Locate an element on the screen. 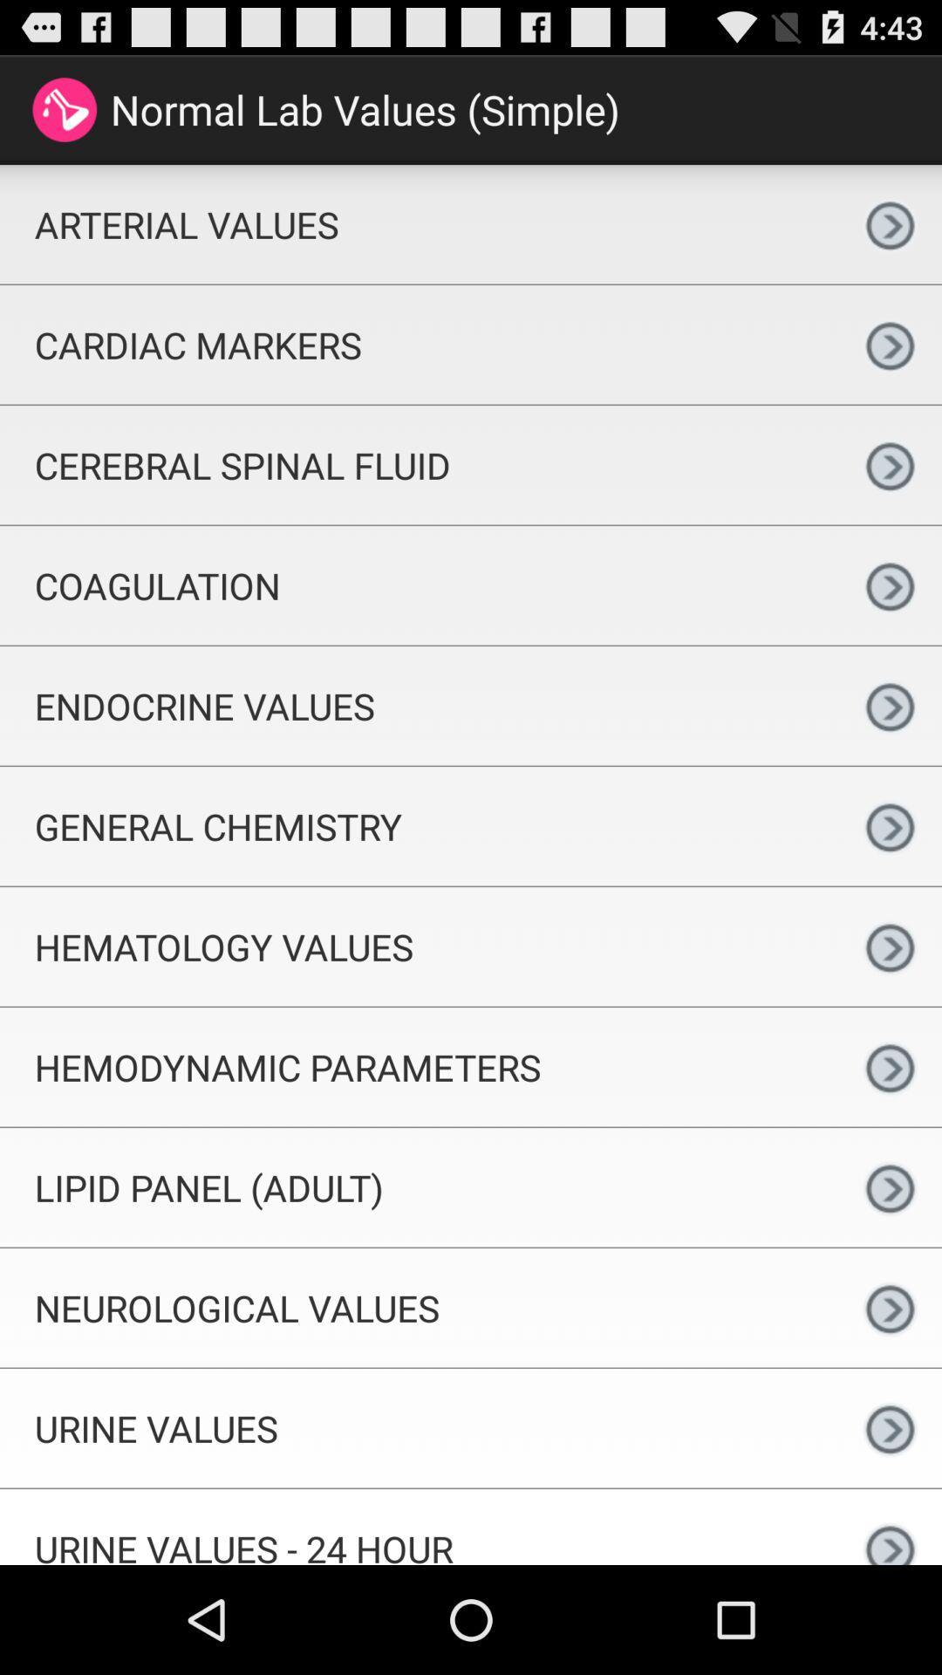  the icon above urine values is located at coordinates (419, 1308).